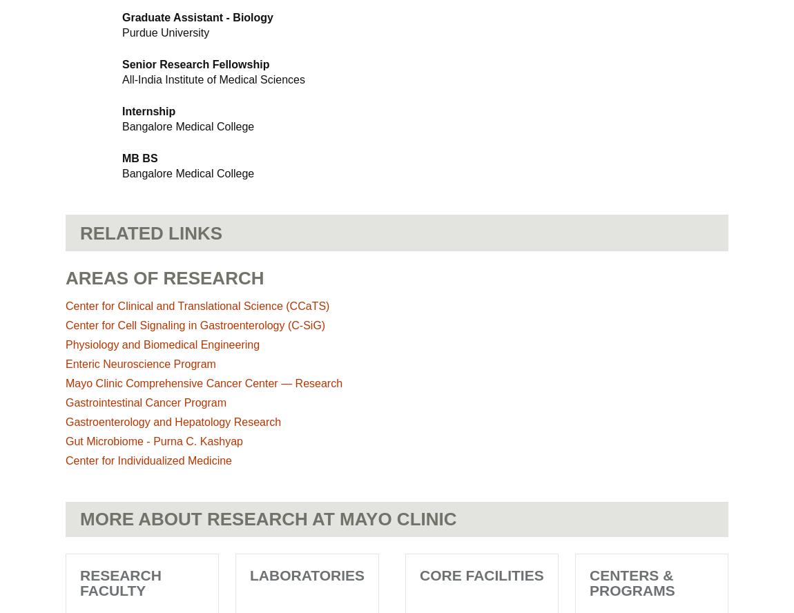 The height and width of the screenshot is (613, 794). Describe the element at coordinates (148, 460) in the screenshot. I see `'Center for Individualized Medicine'` at that location.